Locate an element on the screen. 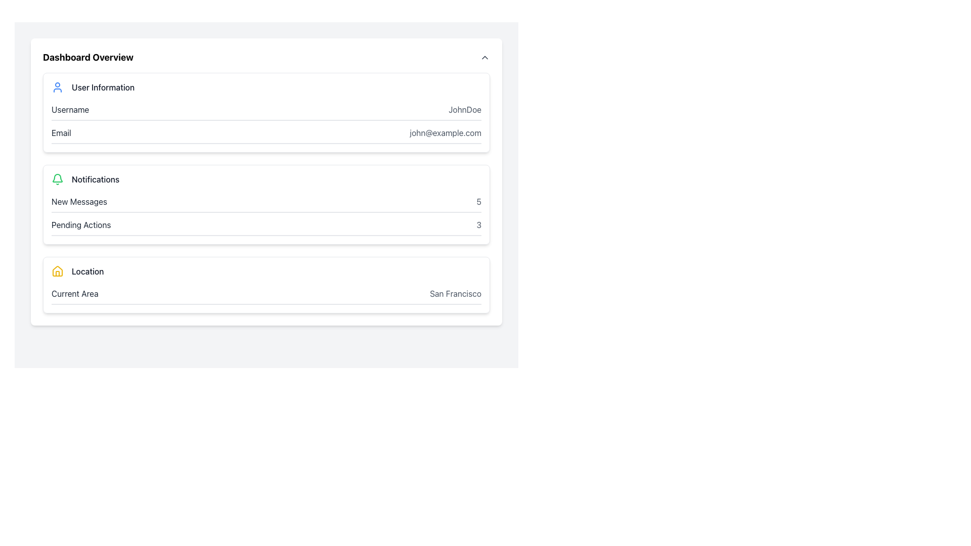 The height and width of the screenshot is (546, 971). the first text label in the 'Location' section that describes the current location being displayed is located at coordinates (74, 294).